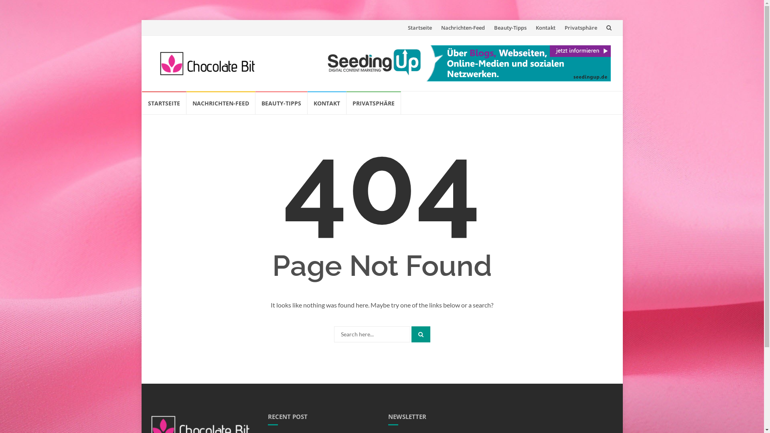 This screenshot has width=770, height=433. I want to click on 'Kontakt', so click(545, 27).